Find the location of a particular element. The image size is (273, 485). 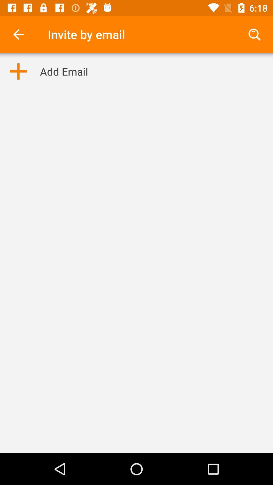

the icon next to invite by email item is located at coordinates (254, 34).